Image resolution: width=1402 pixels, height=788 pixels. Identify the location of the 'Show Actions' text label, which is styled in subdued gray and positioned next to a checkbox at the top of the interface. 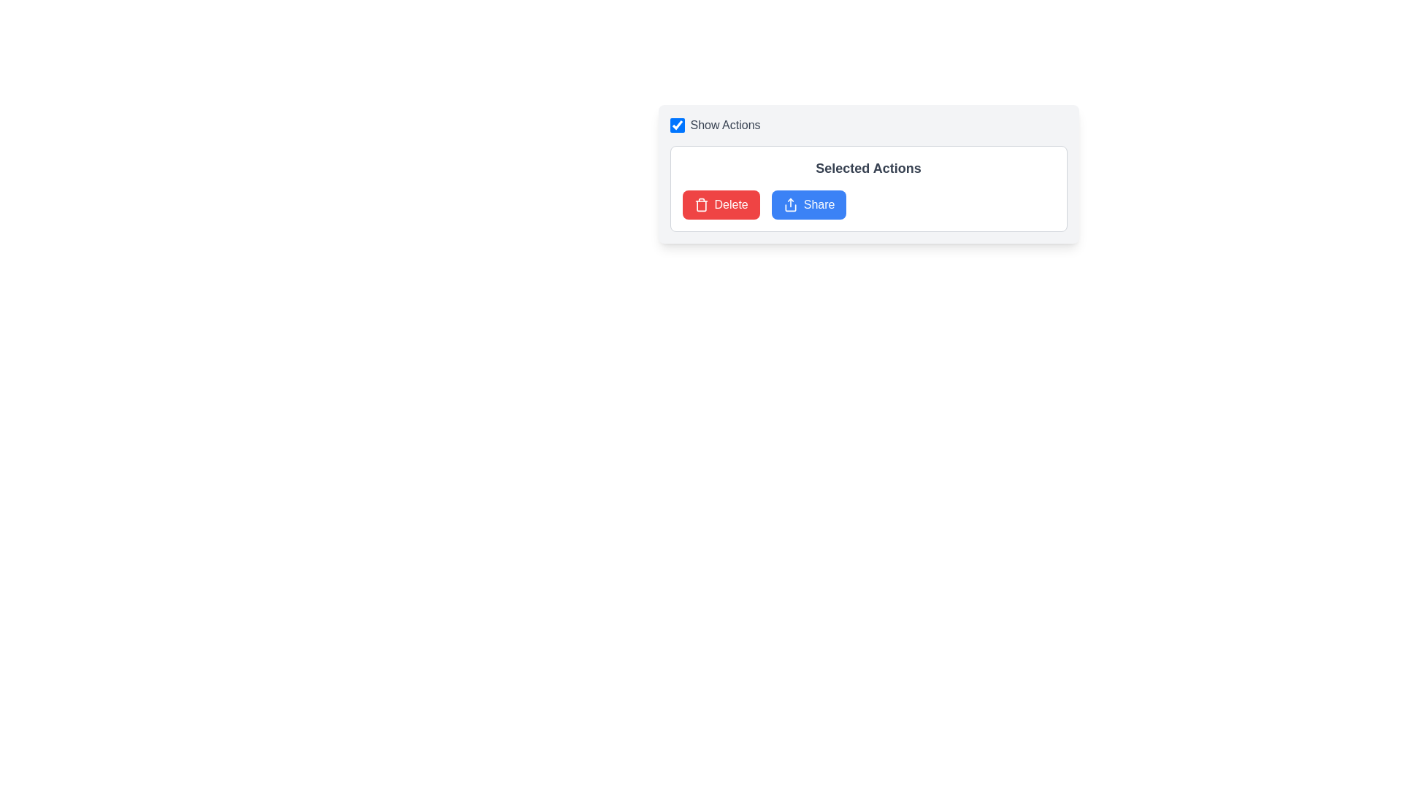
(725, 125).